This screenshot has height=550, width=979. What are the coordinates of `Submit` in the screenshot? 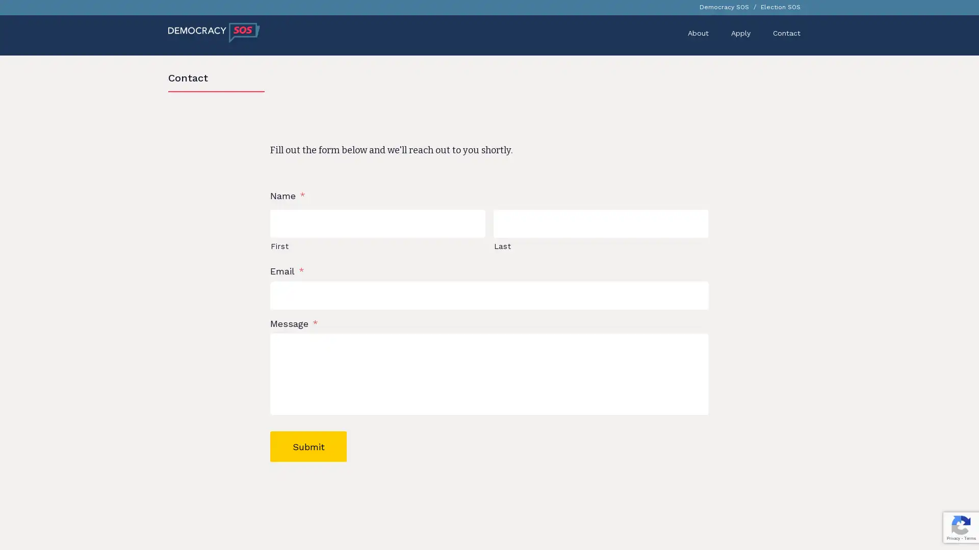 It's located at (307, 446).